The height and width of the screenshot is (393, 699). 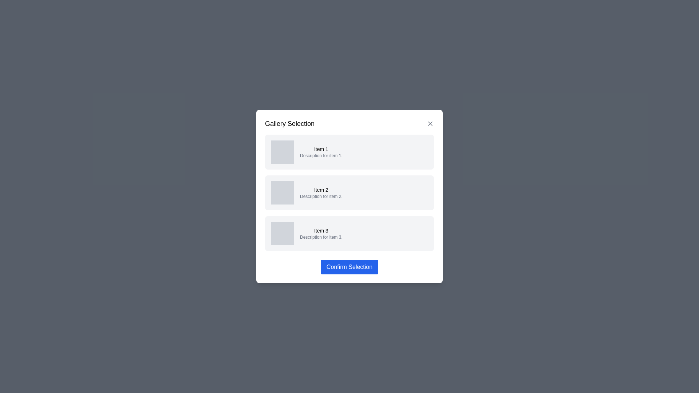 I want to click on the small cross ('X') icon located at the top-right corner of the modal, so click(x=430, y=123).